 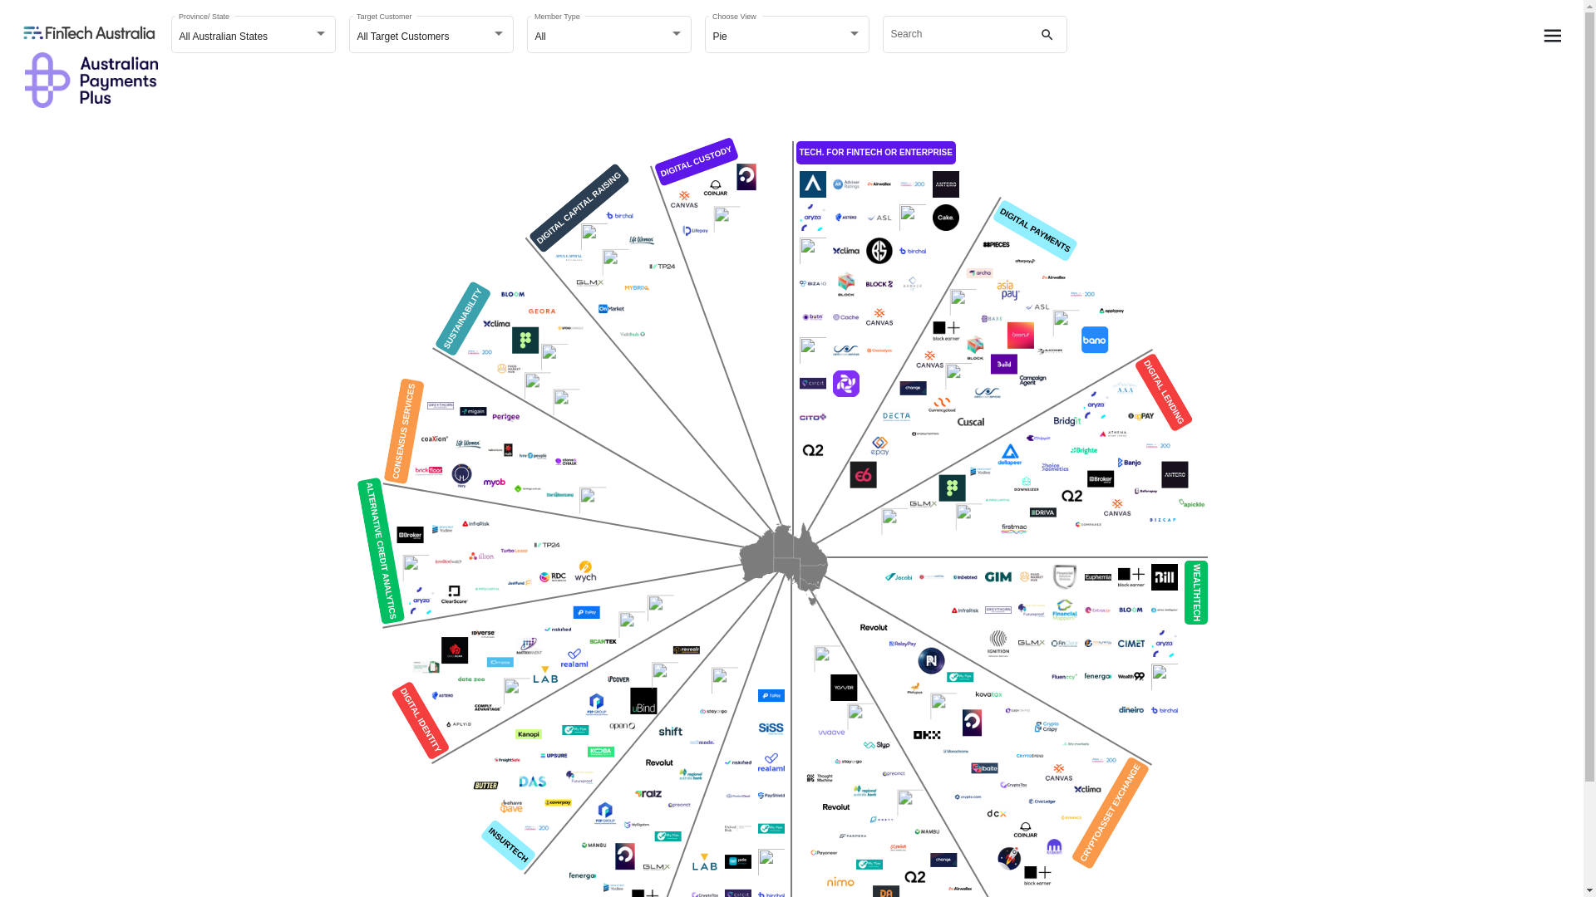 What do you see at coordinates (988, 694) in the screenshot?
I see `'Kova Tax'` at bounding box center [988, 694].